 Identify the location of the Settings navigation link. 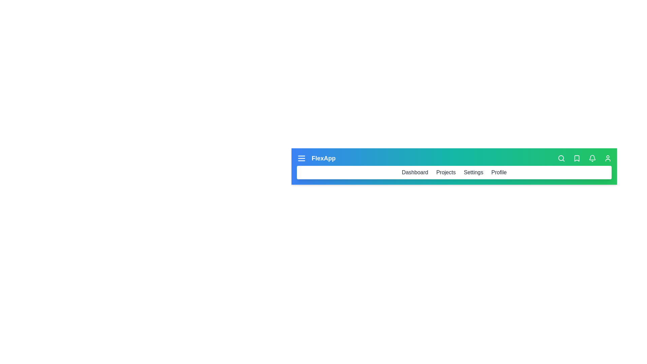
(473, 172).